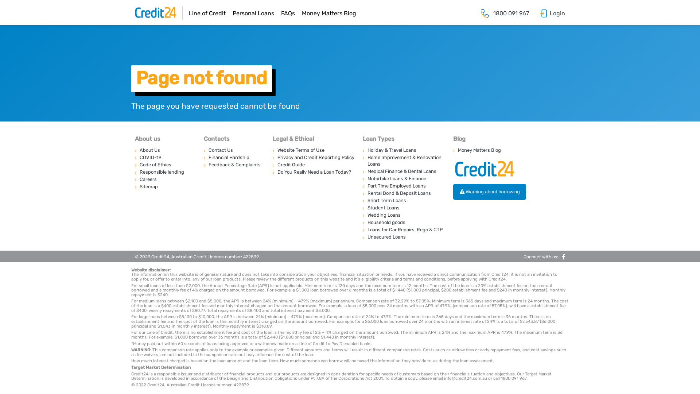 The height and width of the screenshot is (394, 700). Describe the element at coordinates (234, 165) in the screenshot. I see `'Feedback & Complaints'` at that location.